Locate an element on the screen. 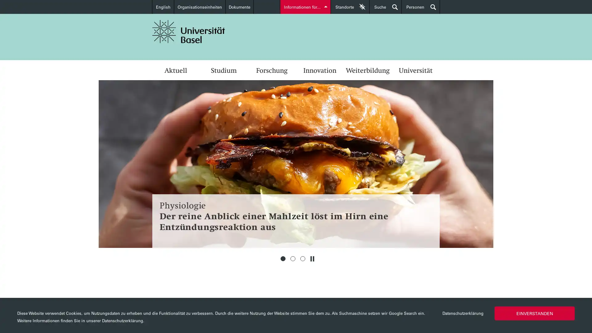 Image resolution: width=592 pixels, height=333 pixels. 1 is located at coordinates (282, 259).